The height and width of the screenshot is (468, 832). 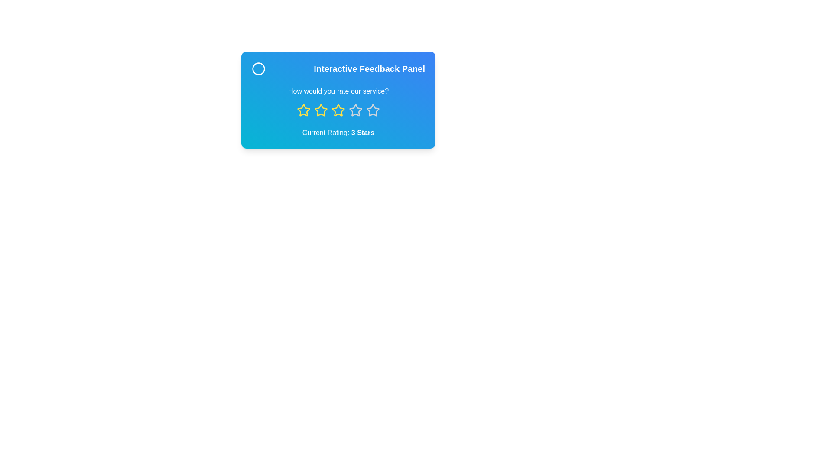 I want to click on the first star icon in the rating system, so click(x=303, y=110).